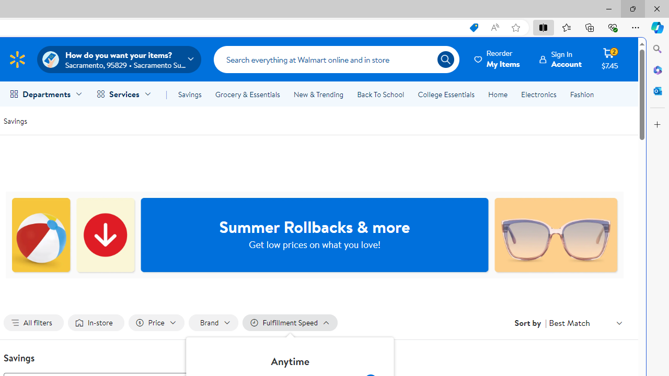 The height and width of the screenshot is (376, 669). What do you see at coordinates (446, 95) in the screenshot?
I see `'College Essentials'` at bounding box center [446, 95].